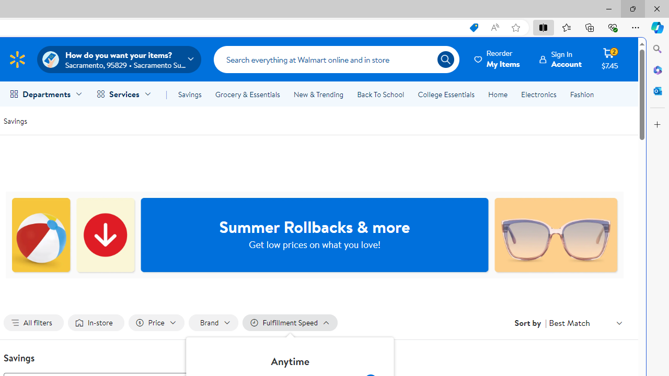 The height and width of the screenshot is (376, 669). What do you see at coordinates (446, 95) in the screenshot?
I see `'College Essentials'` at bounding box center [446, 95].